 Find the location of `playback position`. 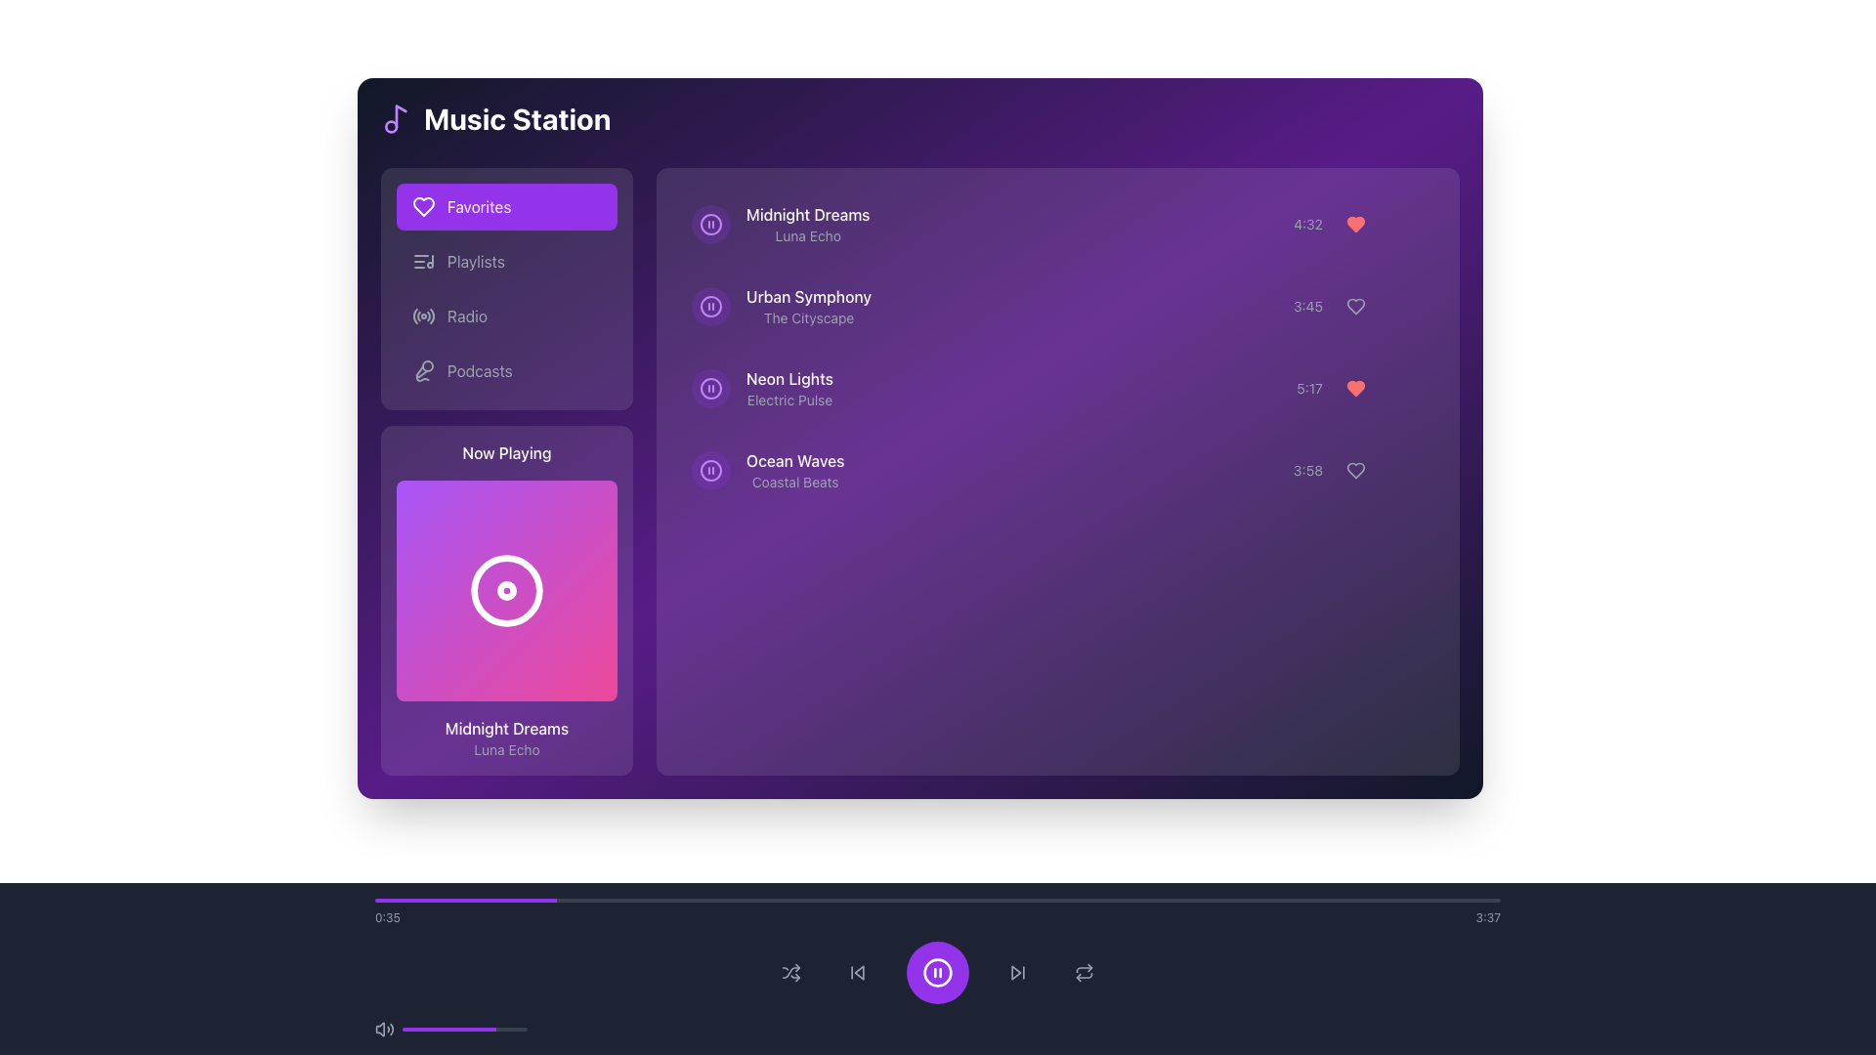

playback position is located at coordinates (1033, 900).